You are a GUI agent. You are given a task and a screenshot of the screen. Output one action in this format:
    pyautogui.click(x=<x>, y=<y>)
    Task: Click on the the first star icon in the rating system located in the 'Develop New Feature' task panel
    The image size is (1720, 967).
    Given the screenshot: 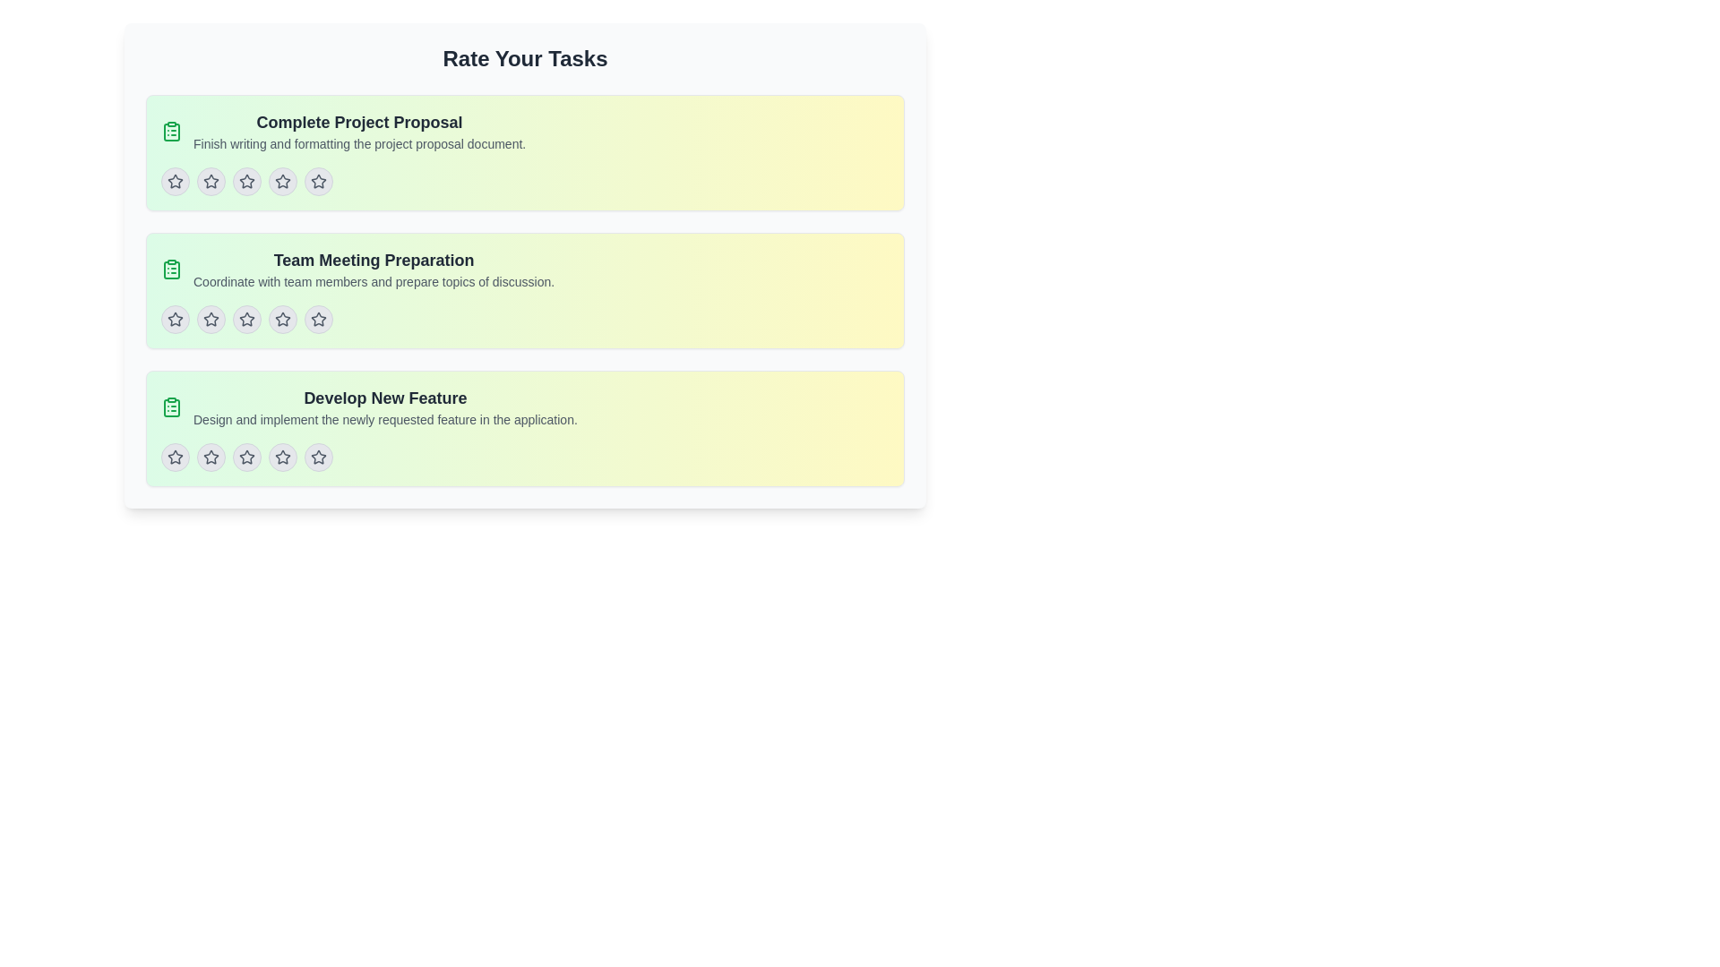 What is the action you would take?
    pyautogui.click(x=176, y=456)
    